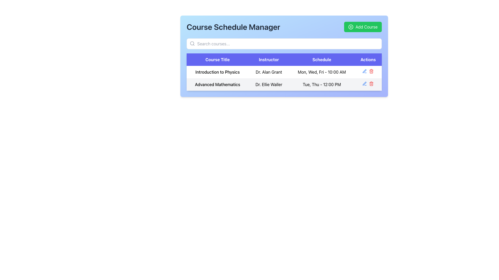 This screenshot has width=499, height=280. I want to click on the pencil icon in the 'Actions' column of the second row, so click(364, 83).